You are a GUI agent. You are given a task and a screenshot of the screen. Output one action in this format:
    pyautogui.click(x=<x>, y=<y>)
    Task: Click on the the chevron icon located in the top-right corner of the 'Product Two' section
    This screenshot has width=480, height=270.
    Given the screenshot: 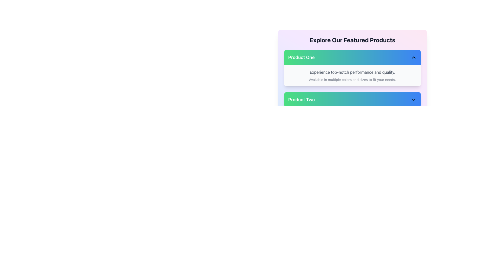 What is the action you would take?
    pyautogui.click(x=414, y=99)
    